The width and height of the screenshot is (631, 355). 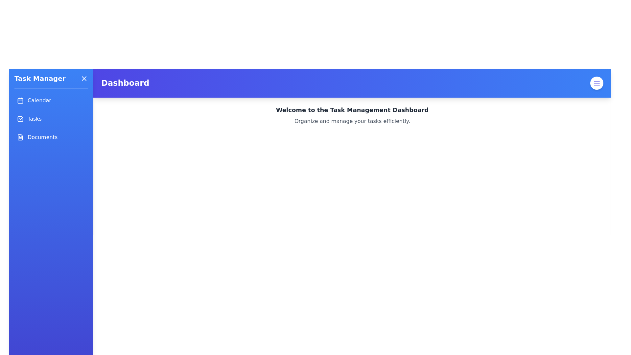 I want to click on the button with an 'X' icon, styled as a vector graphic in white on a blue circular background, located in the top-right corner of the 'Task Manager' header section, so click(x=83, y=78).